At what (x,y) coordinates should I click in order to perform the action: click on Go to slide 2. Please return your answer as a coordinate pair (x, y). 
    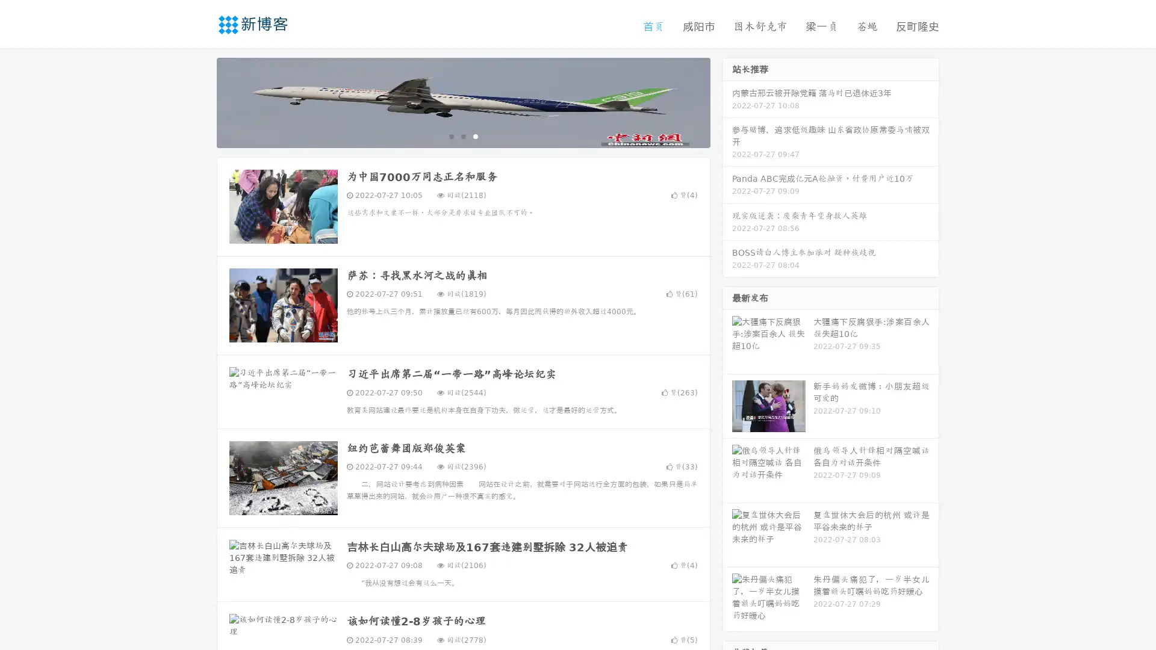
    Looking at the image, I should click on (462, 135).